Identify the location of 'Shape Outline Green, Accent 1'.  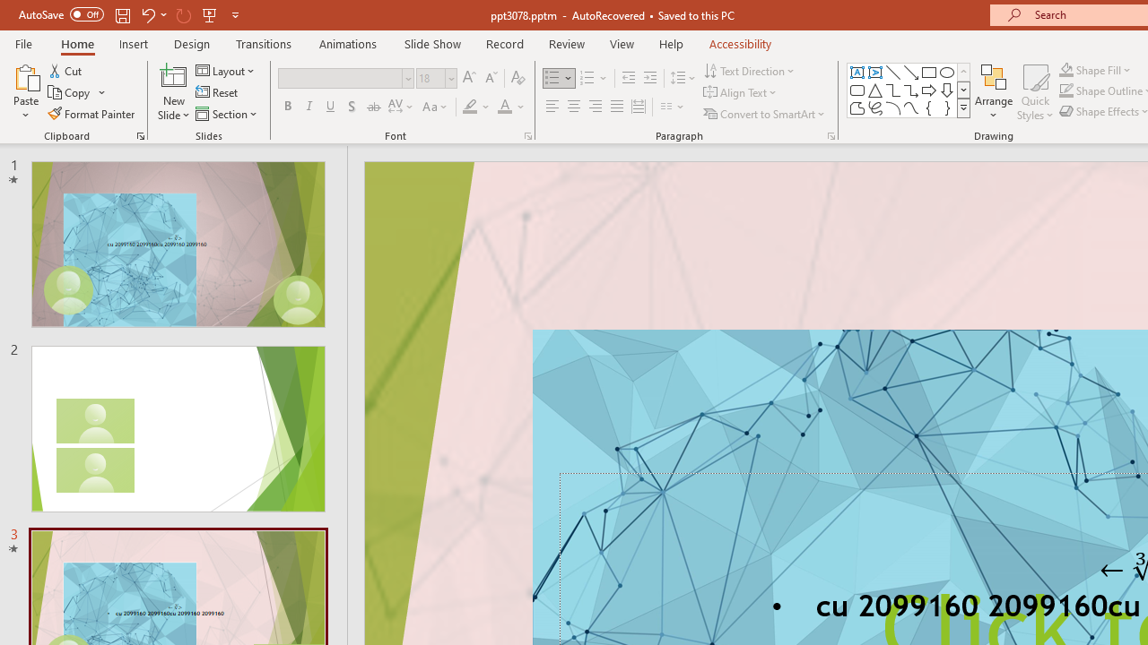
(1066, 90).